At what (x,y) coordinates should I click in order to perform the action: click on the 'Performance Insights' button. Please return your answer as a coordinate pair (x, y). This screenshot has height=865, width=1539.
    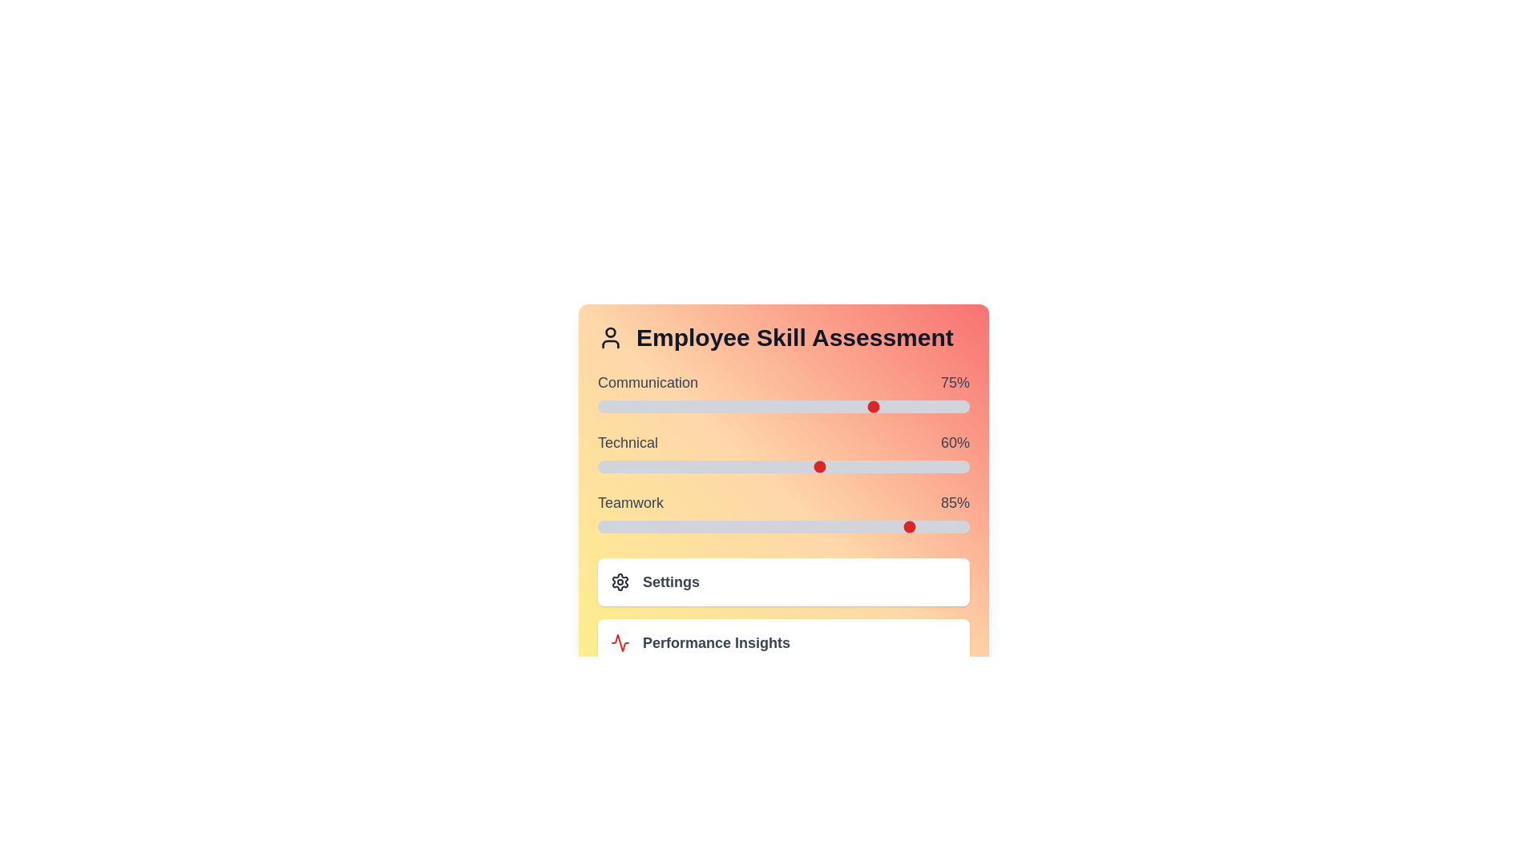
    Looking at the image, I should click on (784, 642).